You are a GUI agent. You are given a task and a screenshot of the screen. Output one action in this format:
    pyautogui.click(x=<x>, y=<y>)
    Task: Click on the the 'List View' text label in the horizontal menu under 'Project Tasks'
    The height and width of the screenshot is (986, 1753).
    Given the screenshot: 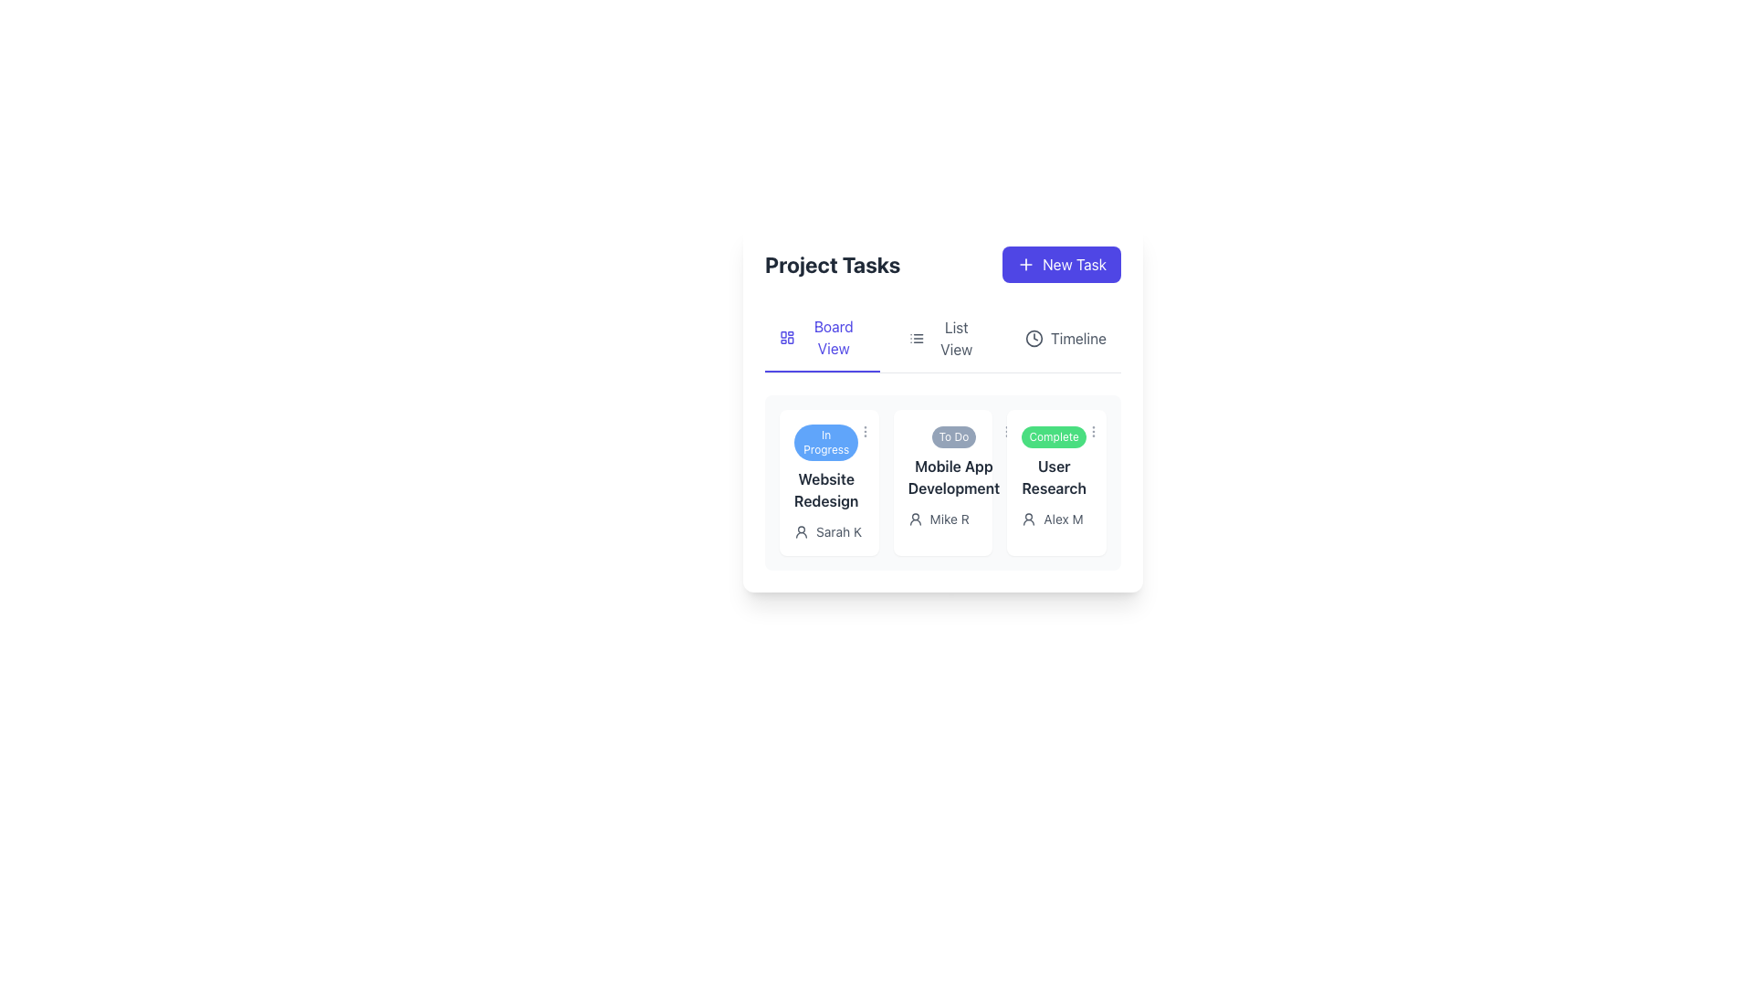 What is the action you would take?
    pyautogui.click(x=955, y=338)
    